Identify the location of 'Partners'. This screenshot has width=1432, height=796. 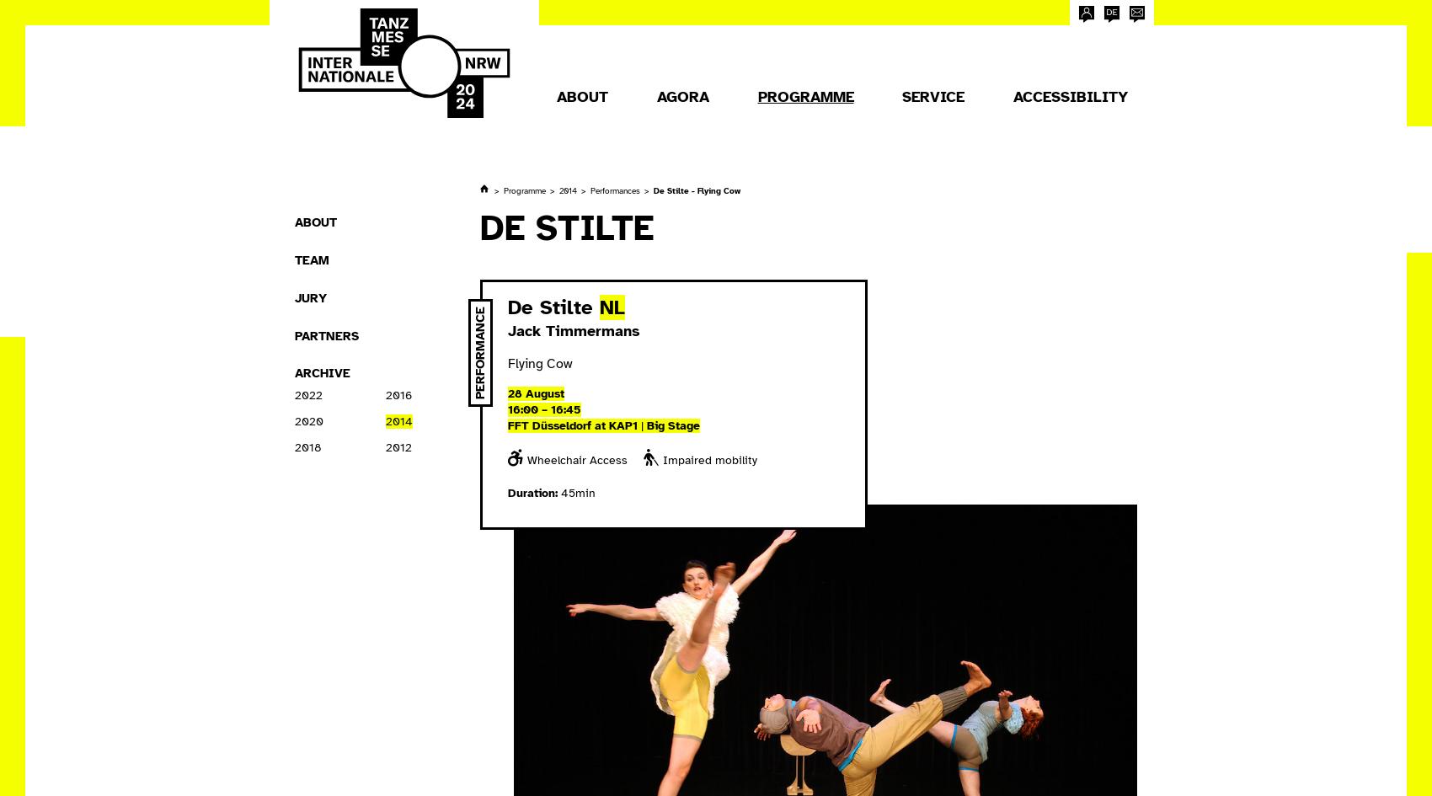
(325, 334).